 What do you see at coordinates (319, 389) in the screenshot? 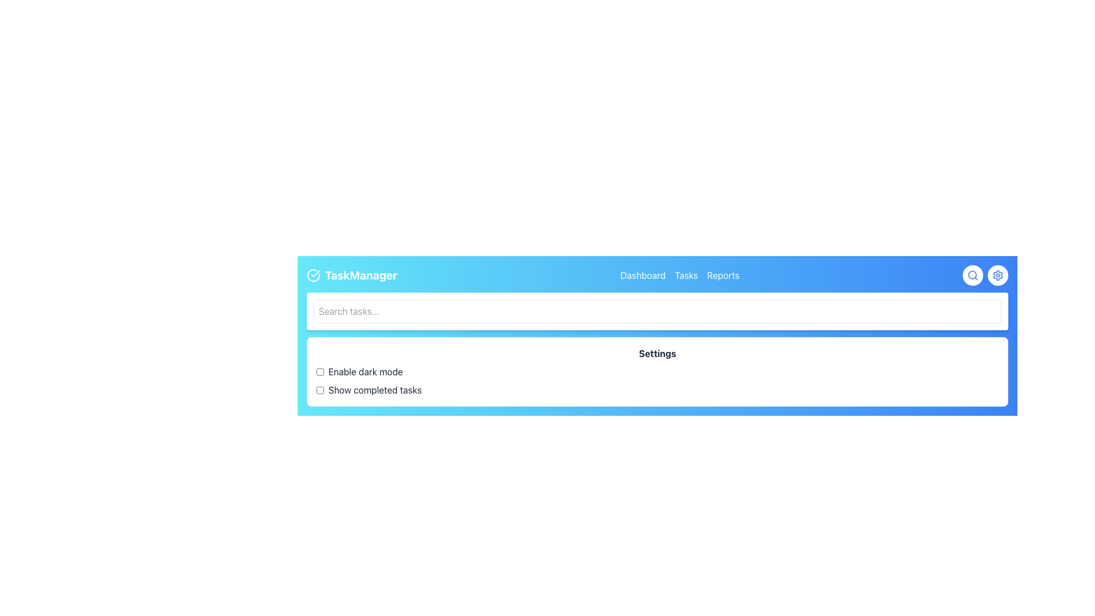
I see `the checkbox that toggles the visibility of completed tasks in the task manager` at bounding box center [319, 389].